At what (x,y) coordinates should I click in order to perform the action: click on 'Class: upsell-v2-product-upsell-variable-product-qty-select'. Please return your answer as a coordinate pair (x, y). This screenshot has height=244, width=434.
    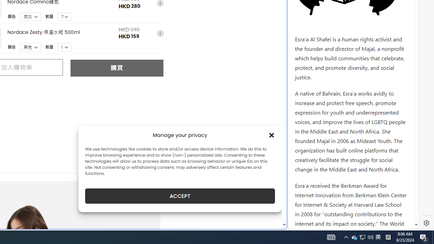
    Looking at the image, I should click on (65, 47).